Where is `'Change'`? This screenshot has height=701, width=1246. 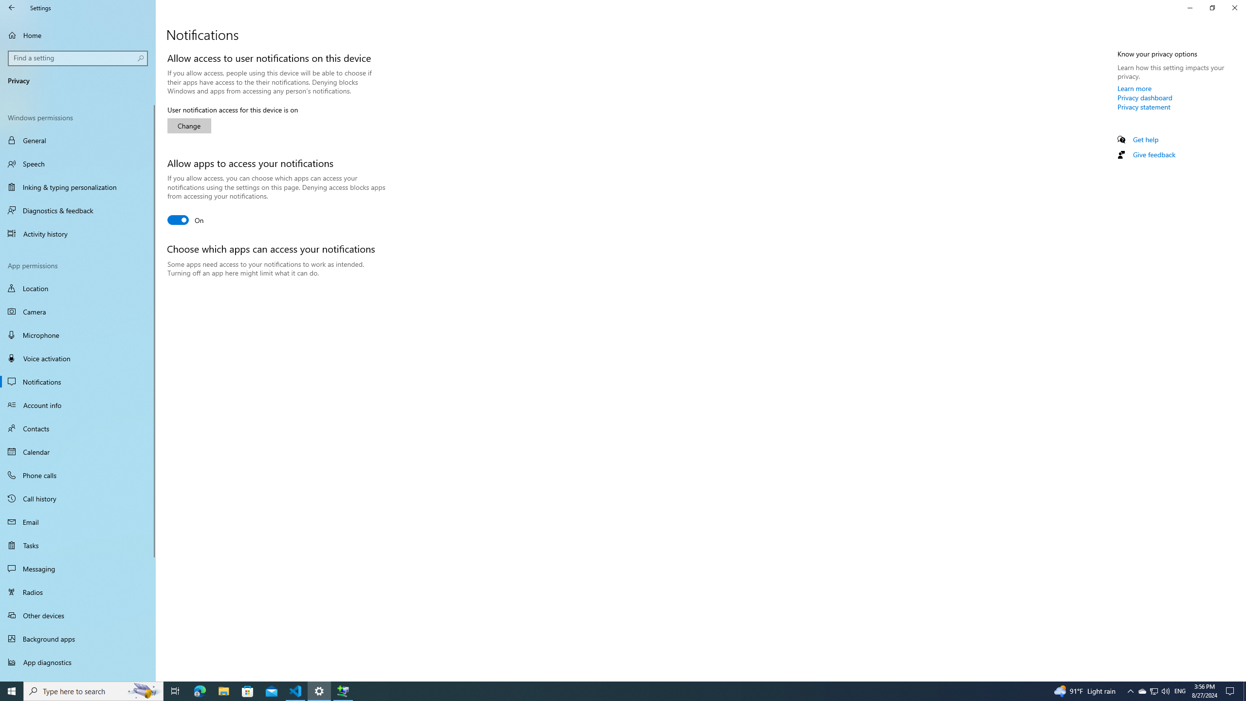 'Change' is located at coordinates (189, 125).